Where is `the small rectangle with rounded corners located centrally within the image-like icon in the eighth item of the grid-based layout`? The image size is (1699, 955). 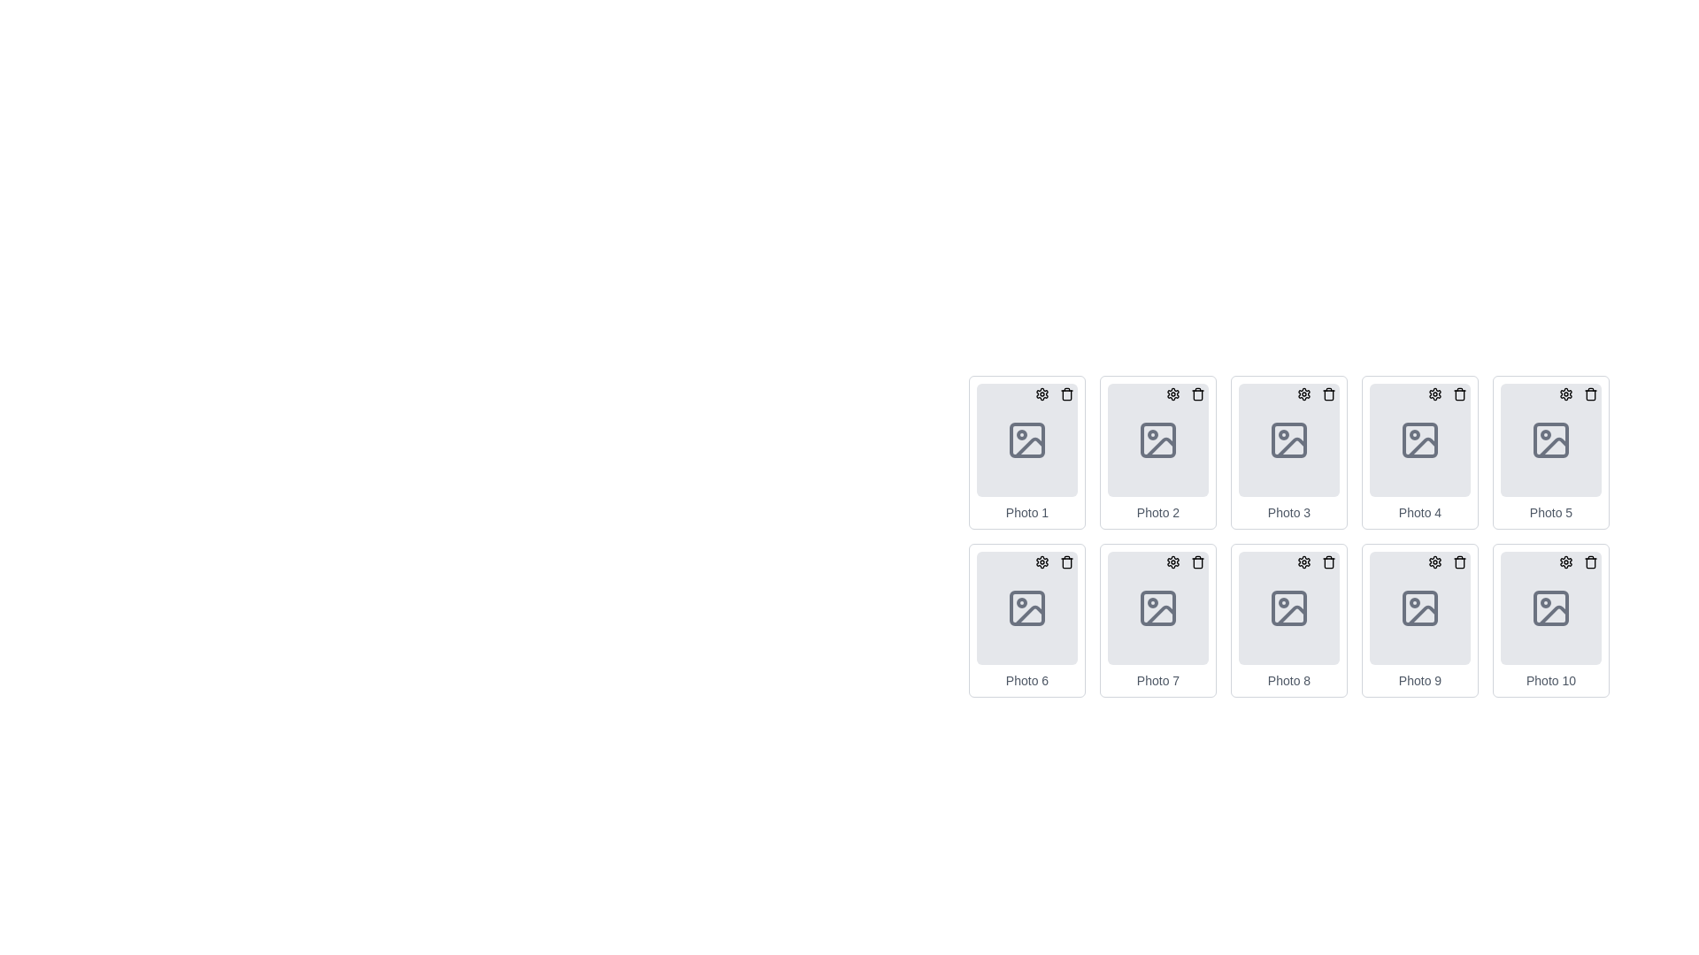
the small rectangle with rounded corners located centrally within the image-like icon in the eighth item of the grid-based layout is located at coordinates (1289, 607).